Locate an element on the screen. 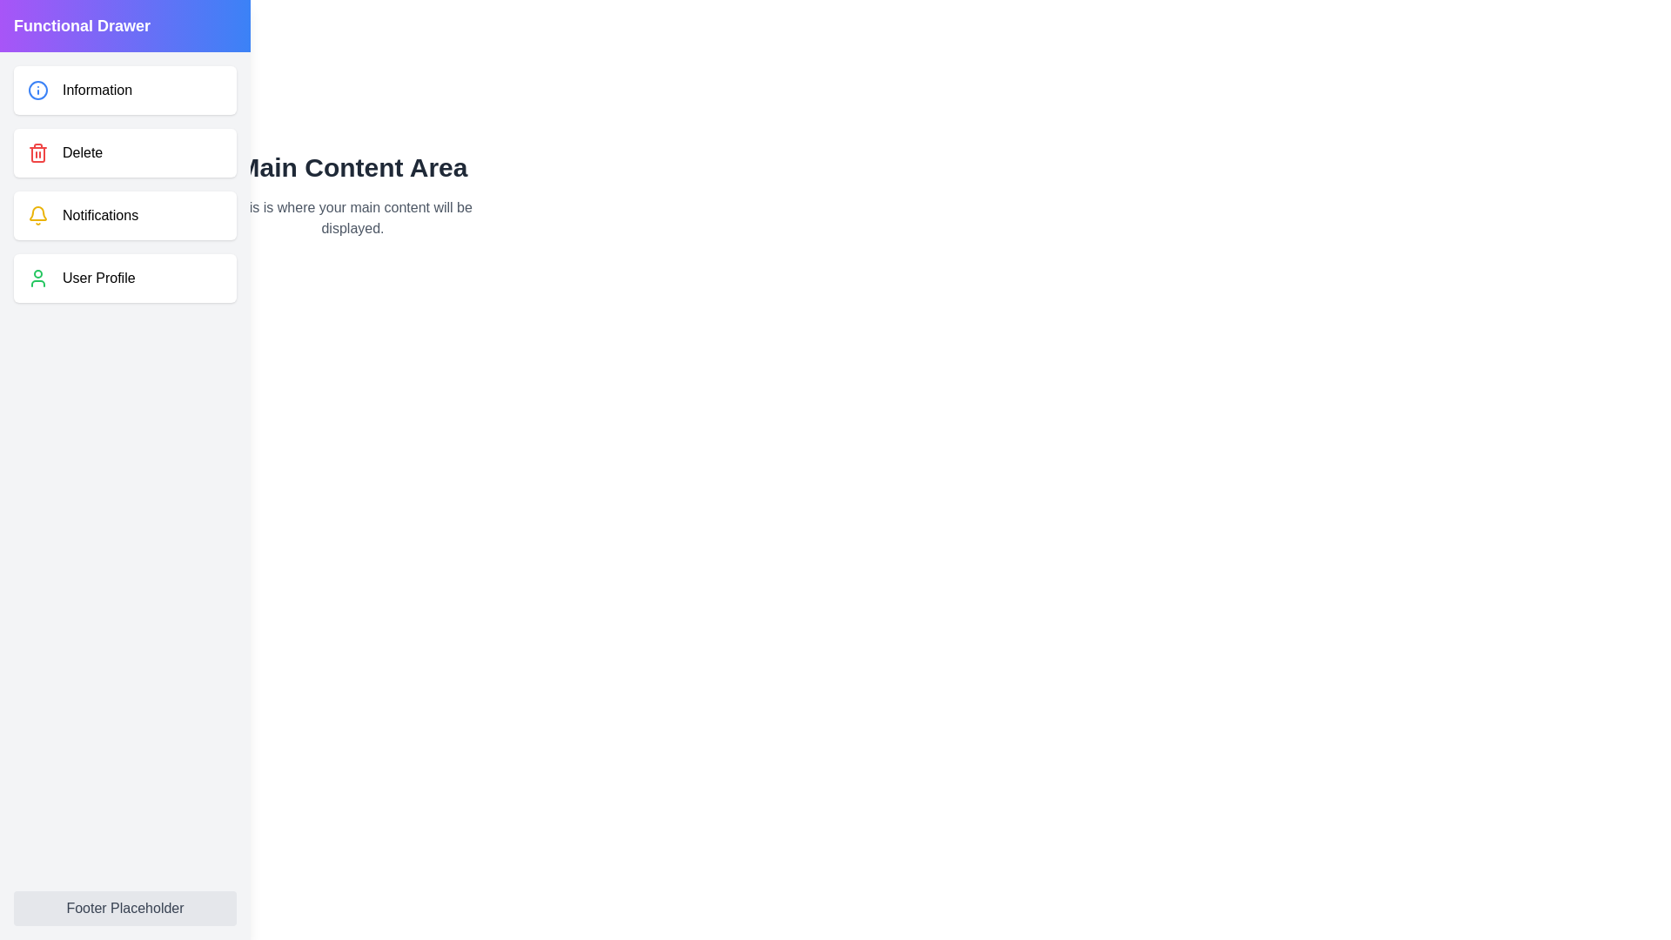  the 'Information' button, which is a rectangular element with a white background, blue circular border icon with 'i', and bold black text on the left navigation panel is located at coordinates (124, 91).